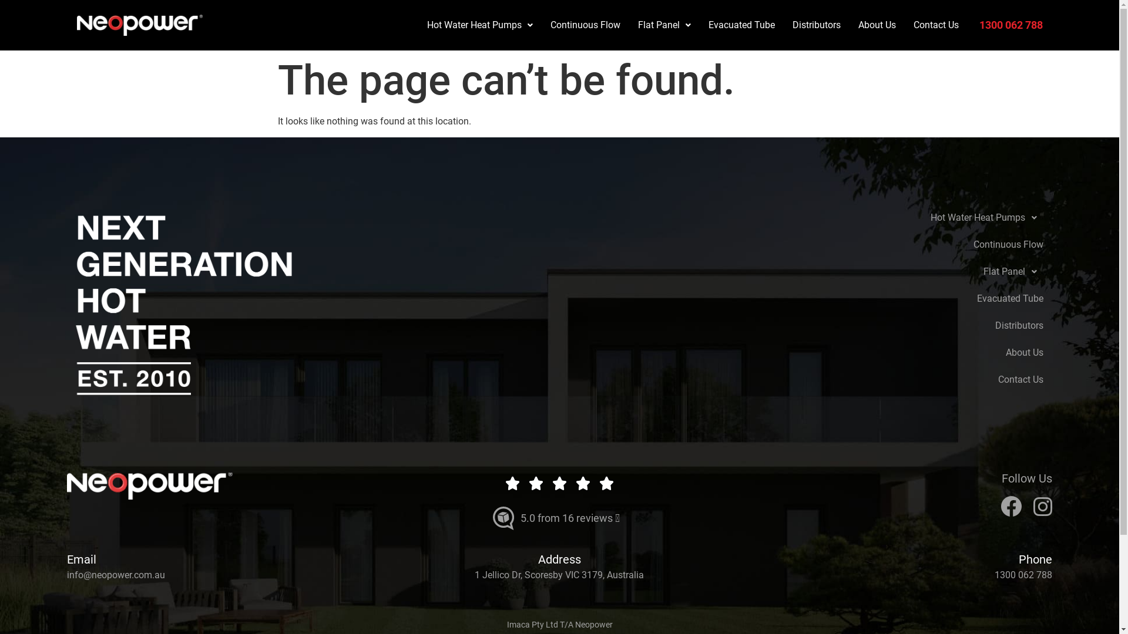 The width and height of the screenshot is (1128, 634). Describe the element at coordinates (979, 25) in the screenshot. I see `'1300 062 788'` at that location.